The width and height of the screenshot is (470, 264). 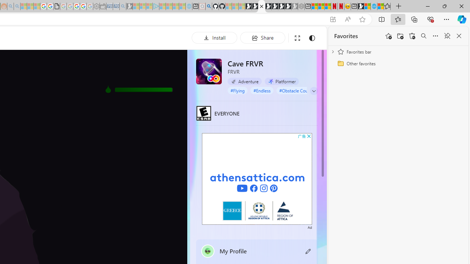 I want to click on 'Play Cave FRVR in your browser | Games from Microsoft Start', so click(x=261, y=6).